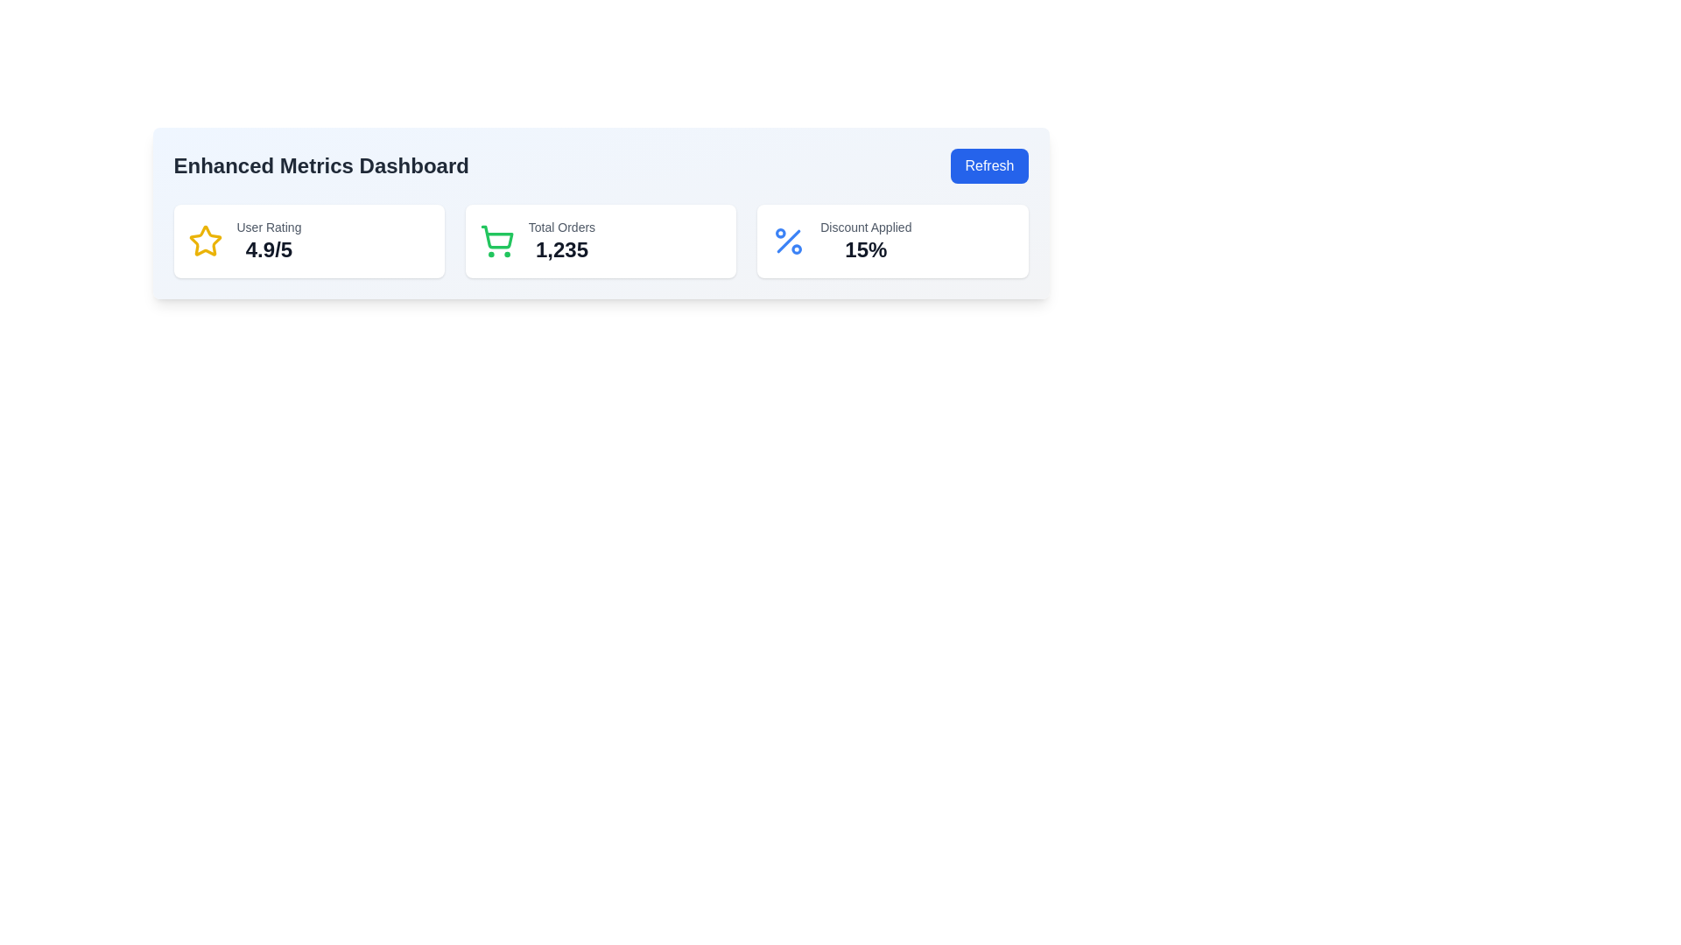  What do you see at coordinates (205, 241) in the screenshot?
I see `the 'User Rating' icon located within the 'User Rating' card on the Enhanced Metrics Dashboard, positioned to the left of the text 'User Rating 4.9/5'` at bounding box center [205, 241].